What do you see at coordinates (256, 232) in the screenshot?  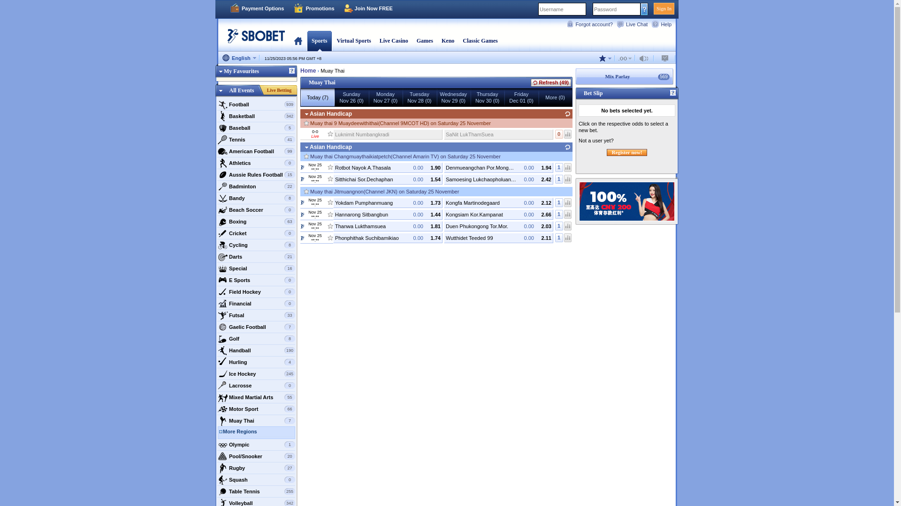 I see `'Cricket` at bounding box center [256, 232].